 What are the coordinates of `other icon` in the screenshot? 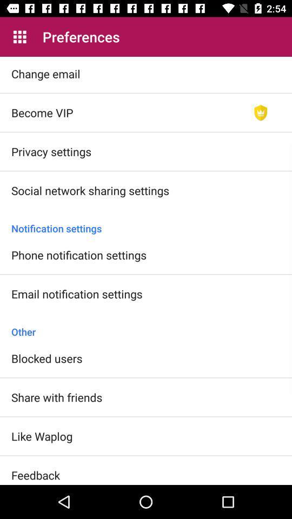 It's located at (146, 325).